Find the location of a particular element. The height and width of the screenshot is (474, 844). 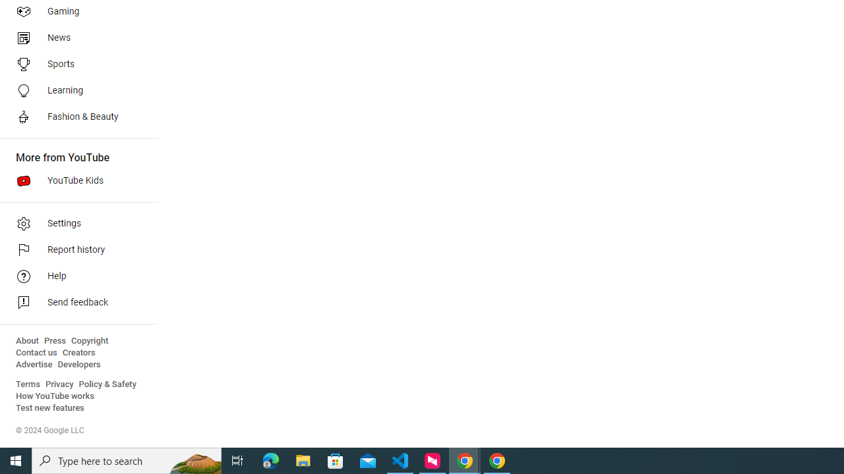

'Learning' is located at coordinates (74, 90).